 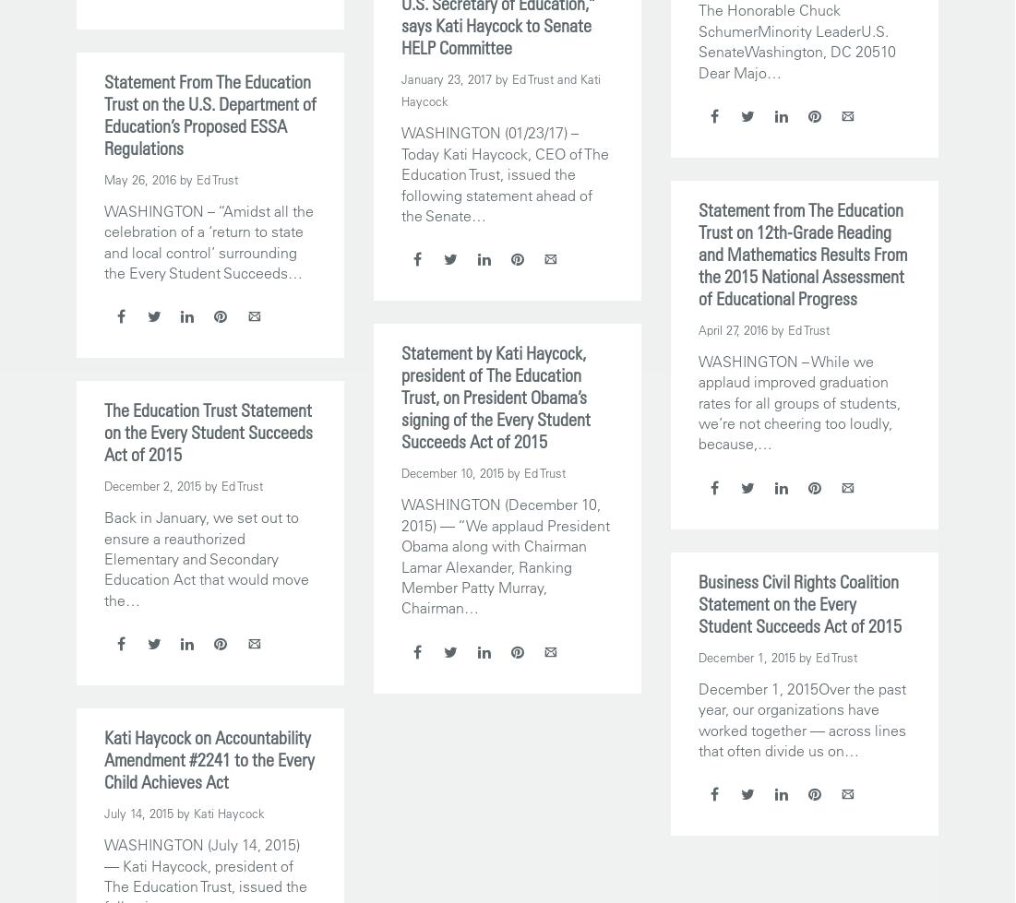 I want to click on 'December 1, 2015Over the past year, our organizations have worked together — across lines that often divide us on…', so click(x=800, y=718).